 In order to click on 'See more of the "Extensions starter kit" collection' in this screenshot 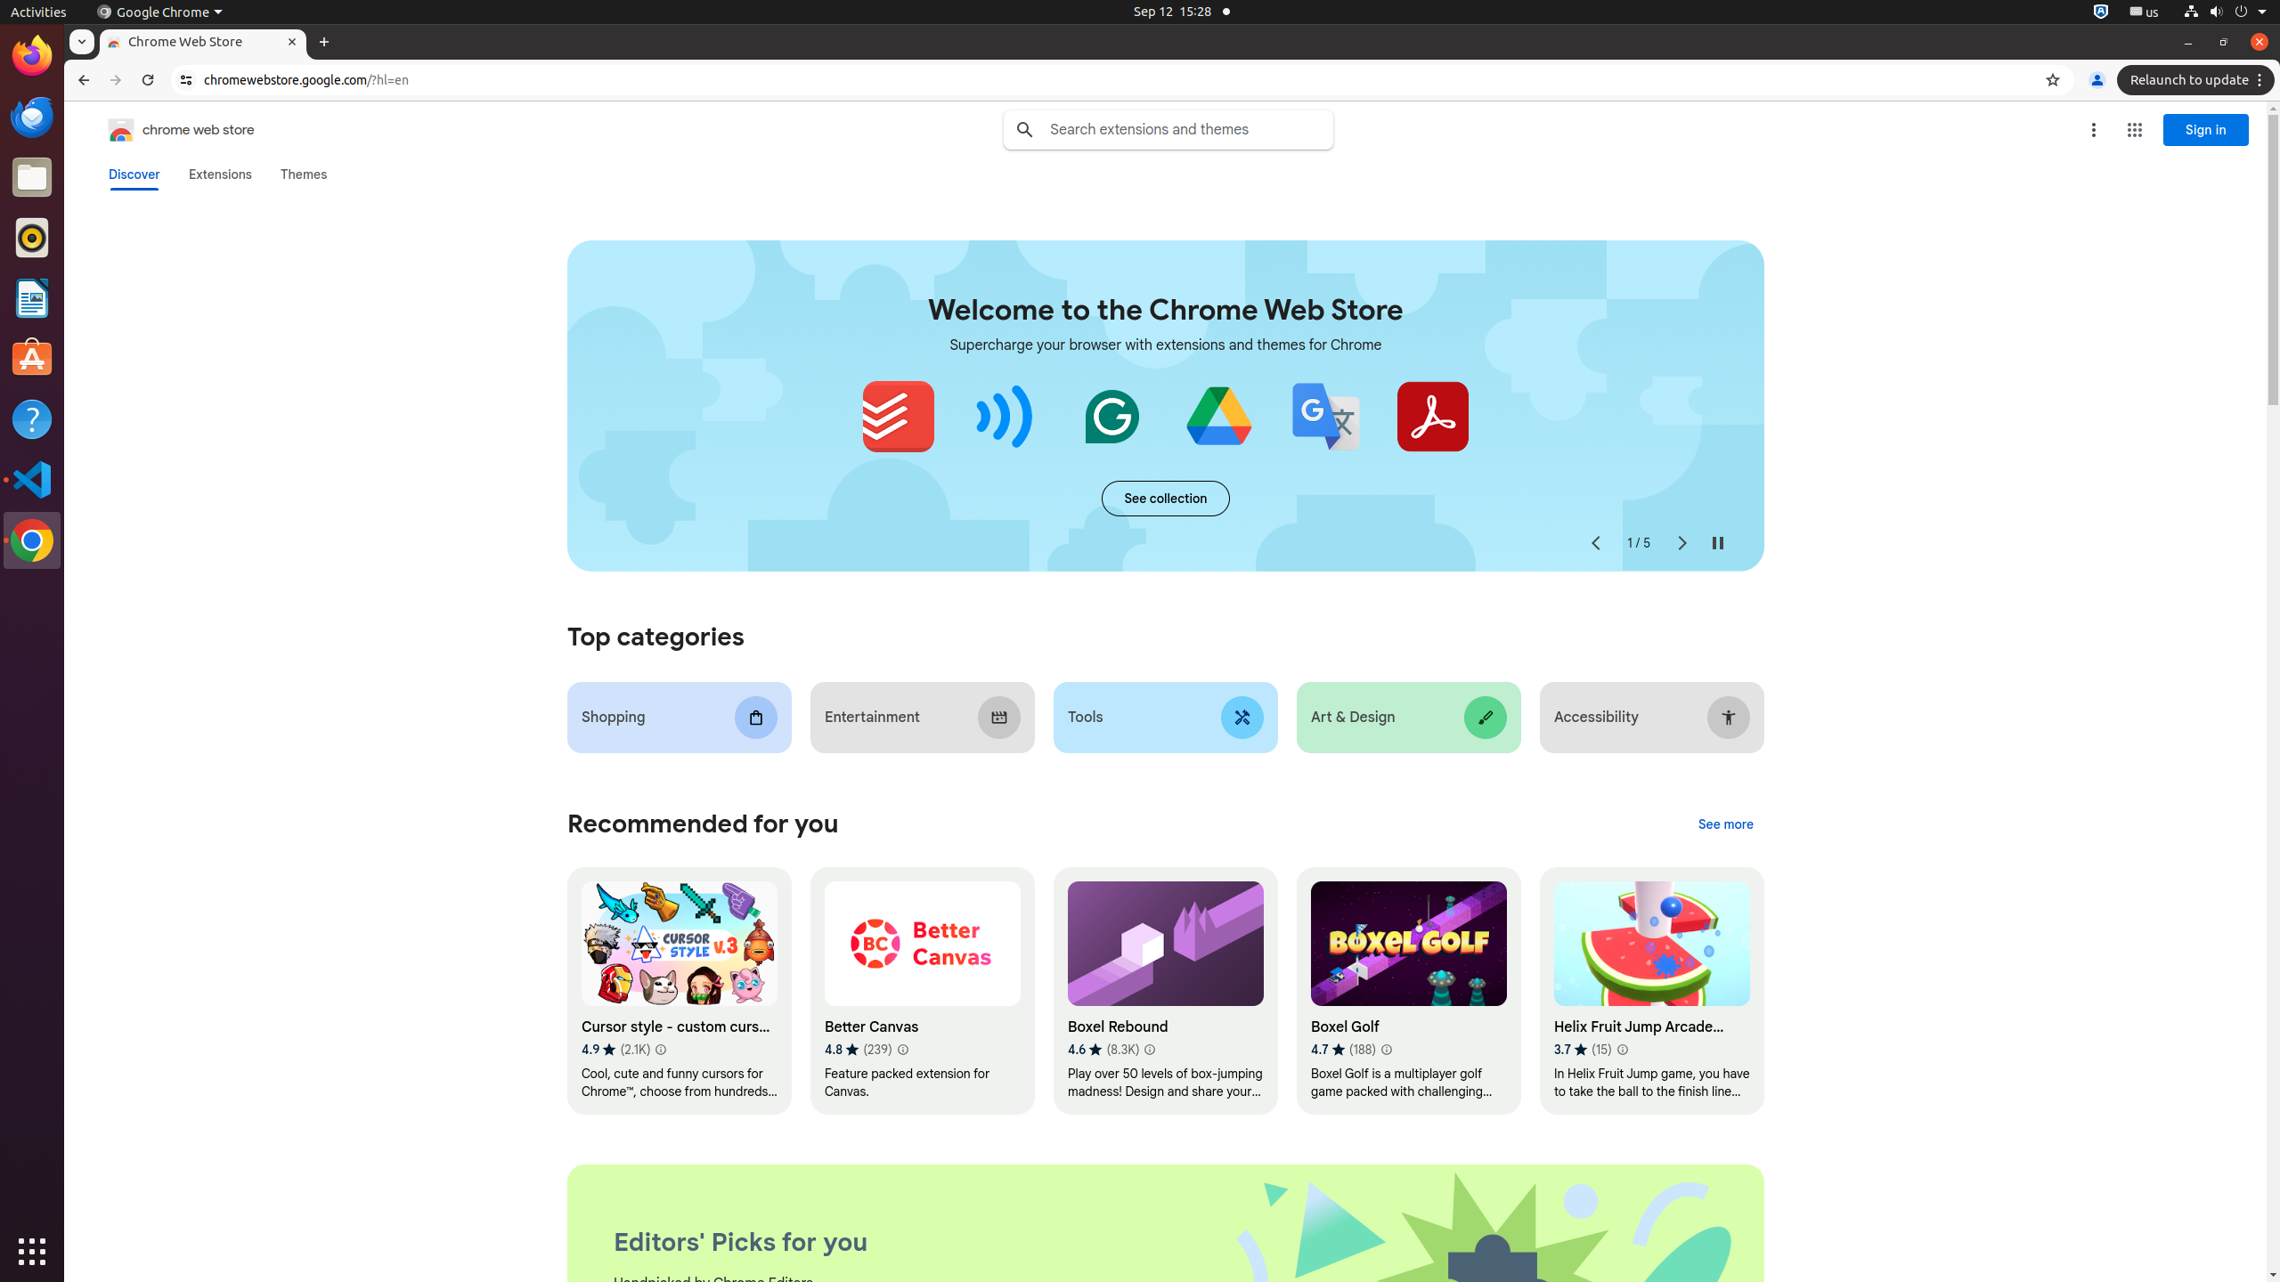, I will do `click(1165, 498)`.